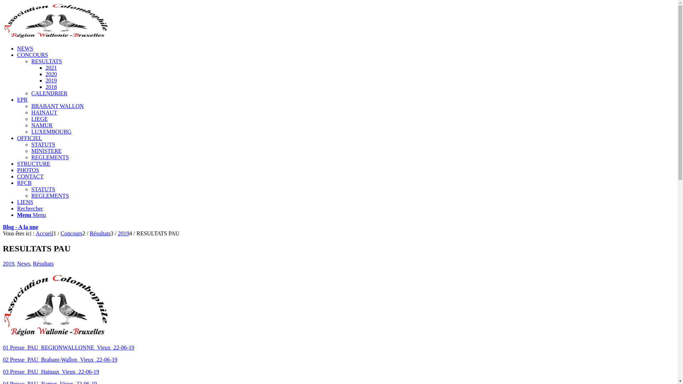 The height and width of the screenshot is (384, 683). I want to click on 'EPR', so click(22, 100).